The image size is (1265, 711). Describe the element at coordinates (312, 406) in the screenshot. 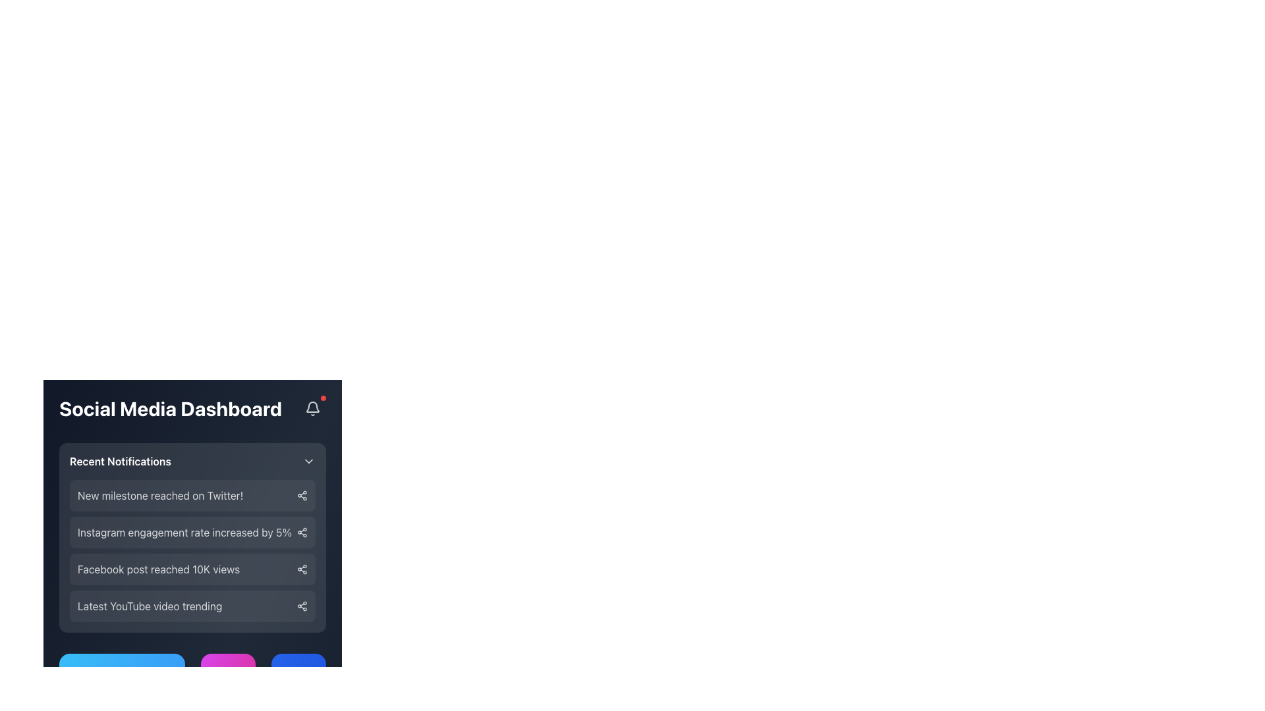

I see `the bell-shaped outline icon located at the top-right corner of the interface, which is associated with notifications` at that location.